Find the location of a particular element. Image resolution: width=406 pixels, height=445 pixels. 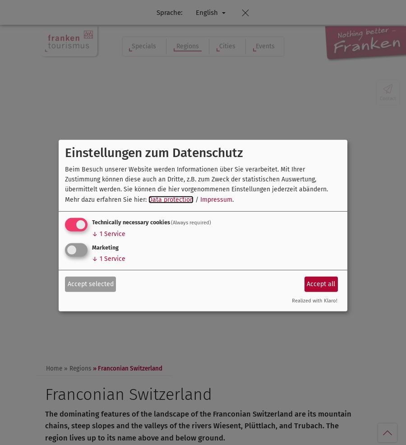

'English' is located at coordinates (195, 12).